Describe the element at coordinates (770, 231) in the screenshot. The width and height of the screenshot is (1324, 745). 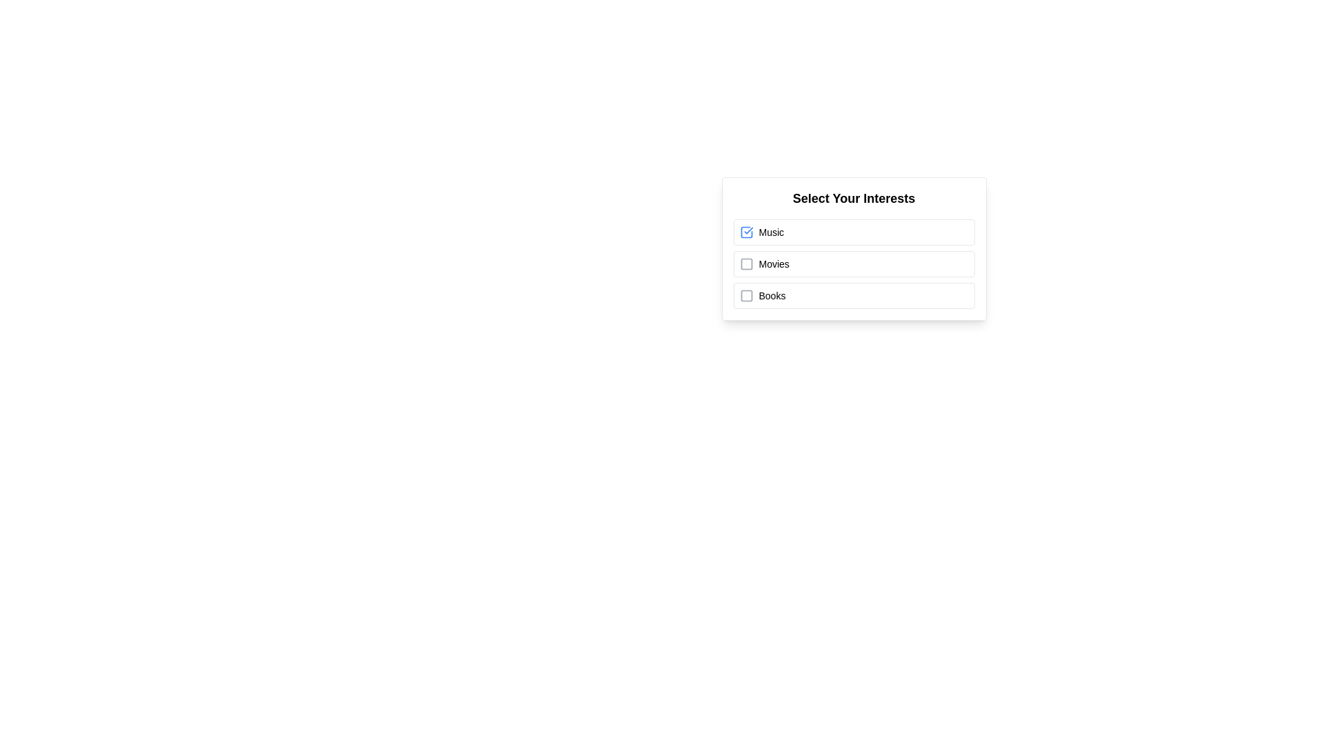
I see `text of the descriptive label saying 'Music' located to the right of the checkbox in the first row of options` at that location.